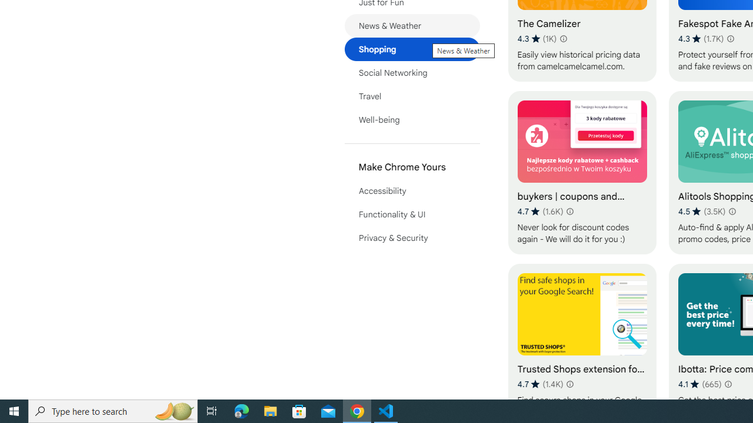 The width and height of the screenshot is (753, 423). What do you see at coordinates (539, 211) in the screenshot?
I see `'Average rating 4.7 out of 5 stars. 1.6K ratings.'` at bounding box center [539, 211].